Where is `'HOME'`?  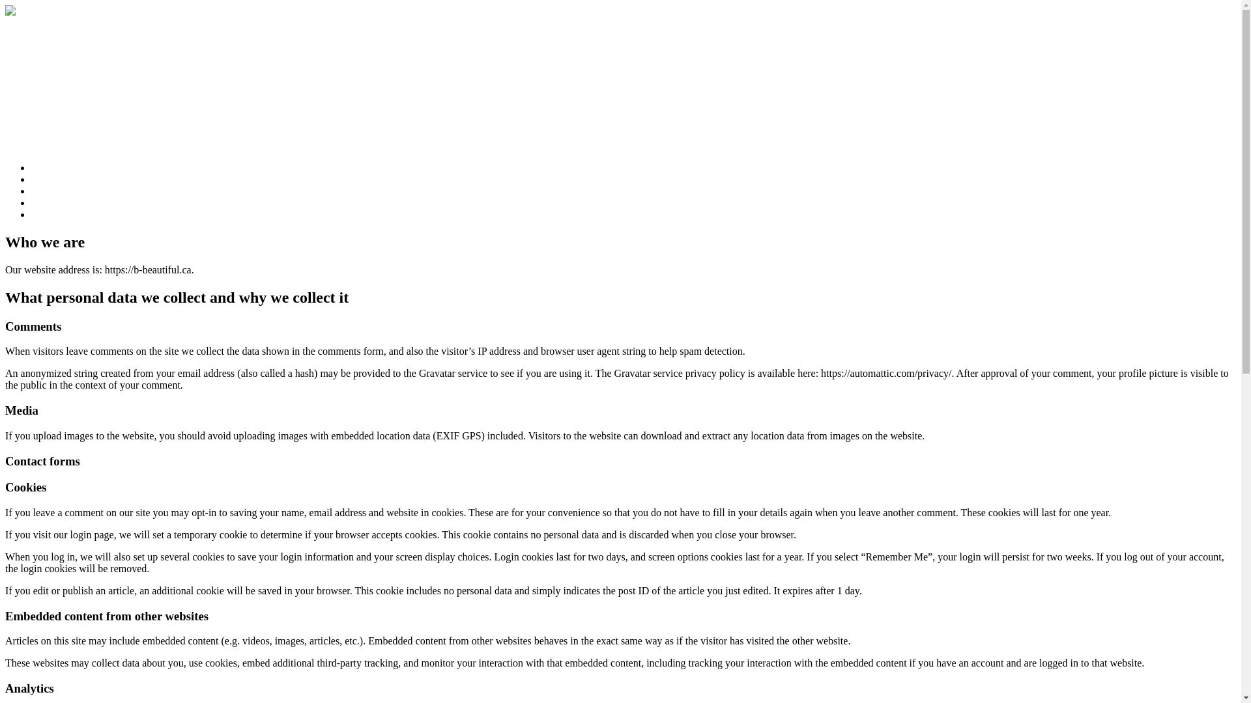 'HOME' is located at coordinates (46, 167).